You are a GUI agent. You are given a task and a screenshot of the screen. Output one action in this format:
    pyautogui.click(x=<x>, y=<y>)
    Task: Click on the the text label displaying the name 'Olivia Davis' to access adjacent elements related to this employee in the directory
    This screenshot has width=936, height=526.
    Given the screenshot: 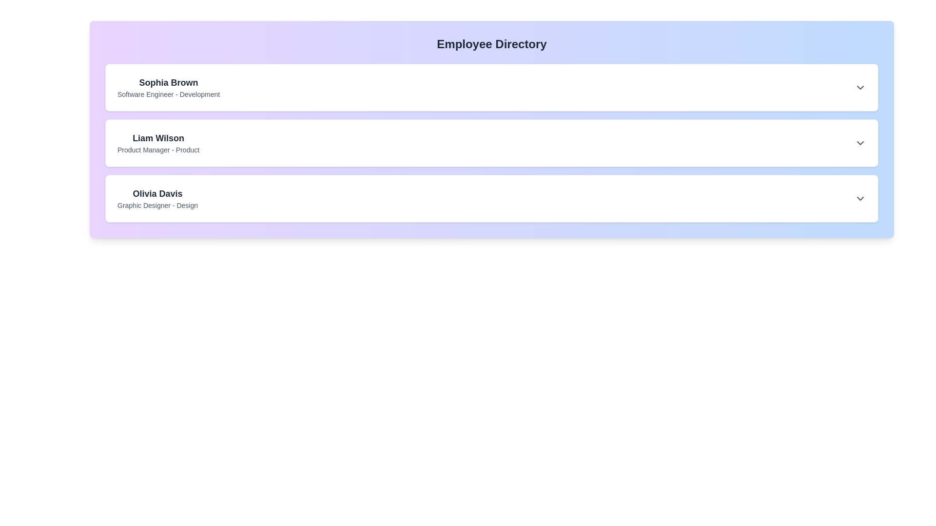 What is the action you would take?
    pyautogui.click(x=157, y=193)
    